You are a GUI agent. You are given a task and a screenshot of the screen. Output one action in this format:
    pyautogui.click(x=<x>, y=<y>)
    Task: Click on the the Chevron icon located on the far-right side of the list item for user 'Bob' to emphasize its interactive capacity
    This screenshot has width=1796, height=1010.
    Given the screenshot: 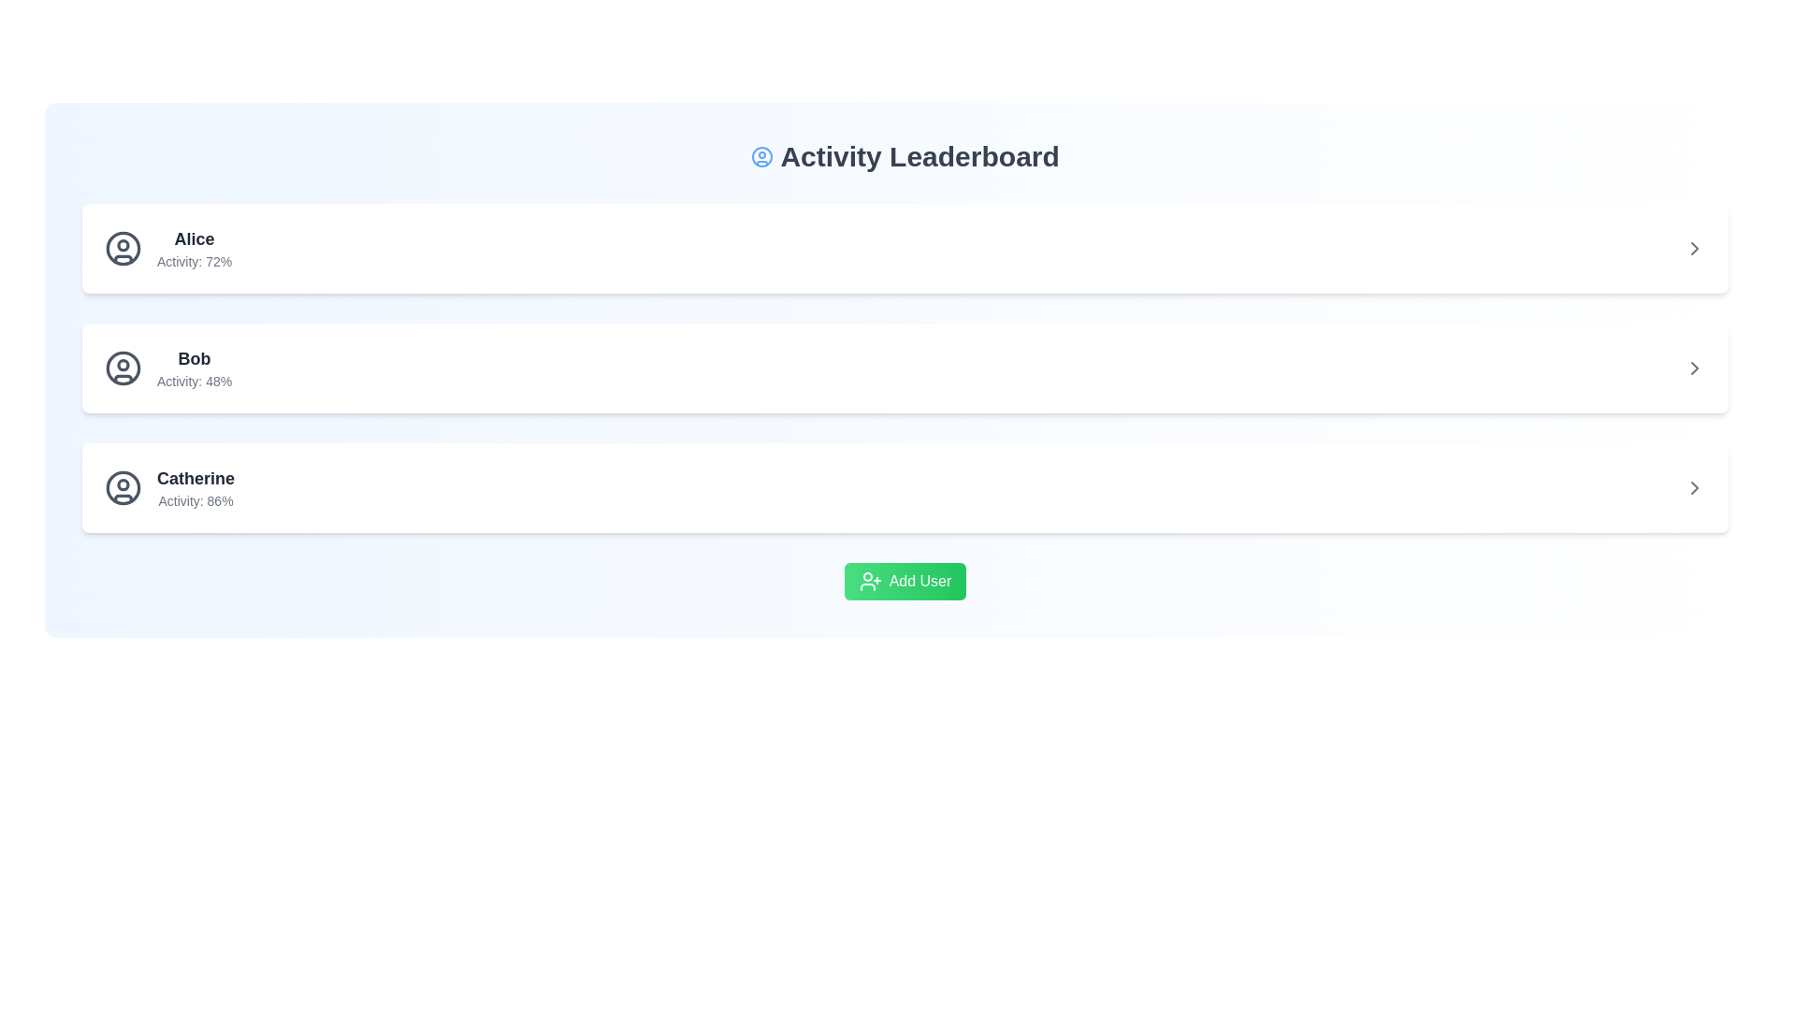 What is the action you would take?
    pyautogui.click(x=1694, y=368)
    